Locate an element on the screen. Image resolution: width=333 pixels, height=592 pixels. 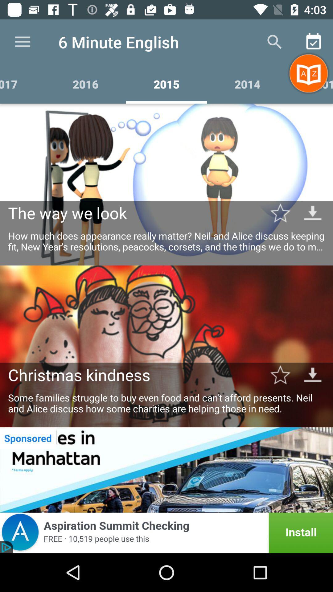
install this is located at coordinates (166, 532).